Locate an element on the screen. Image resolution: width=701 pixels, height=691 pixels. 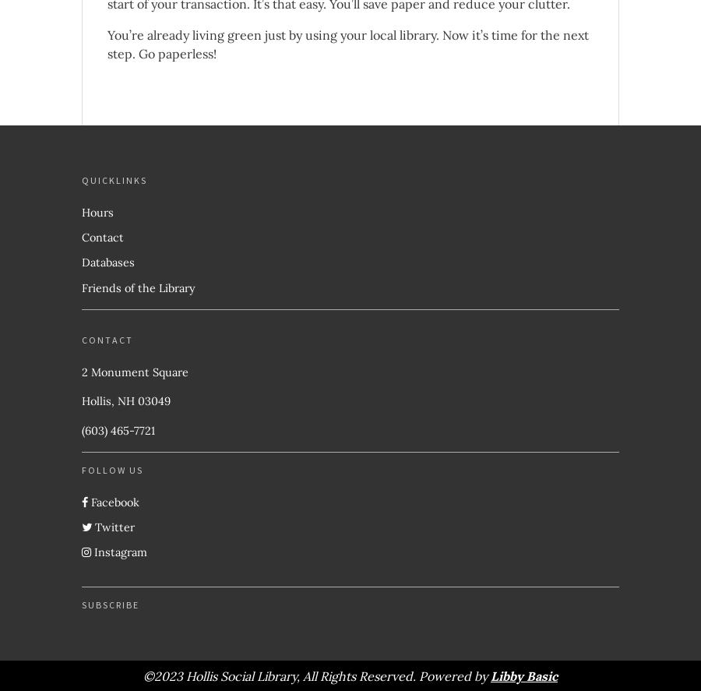
'Subscribe' is located at coordinates (81, 604).